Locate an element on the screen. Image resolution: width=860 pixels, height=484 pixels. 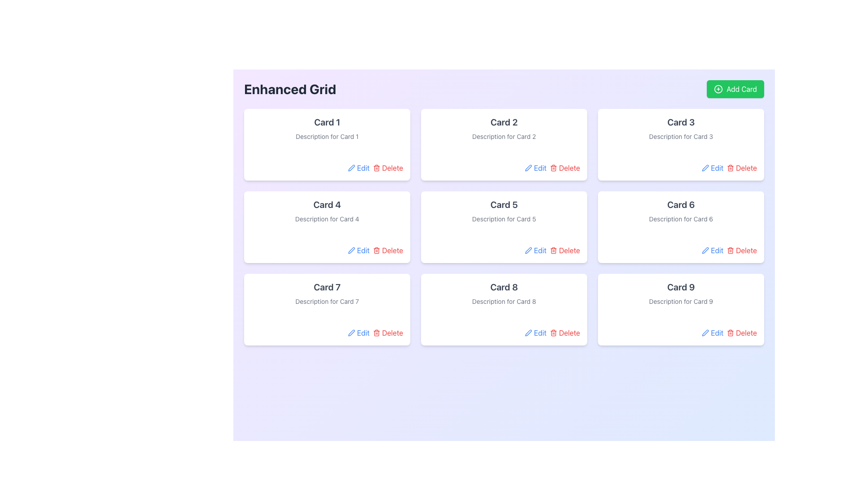
the Text block with hierarchical content (title and description) located in the second row and third column of the grid layout is located at coordinates (681, 211).